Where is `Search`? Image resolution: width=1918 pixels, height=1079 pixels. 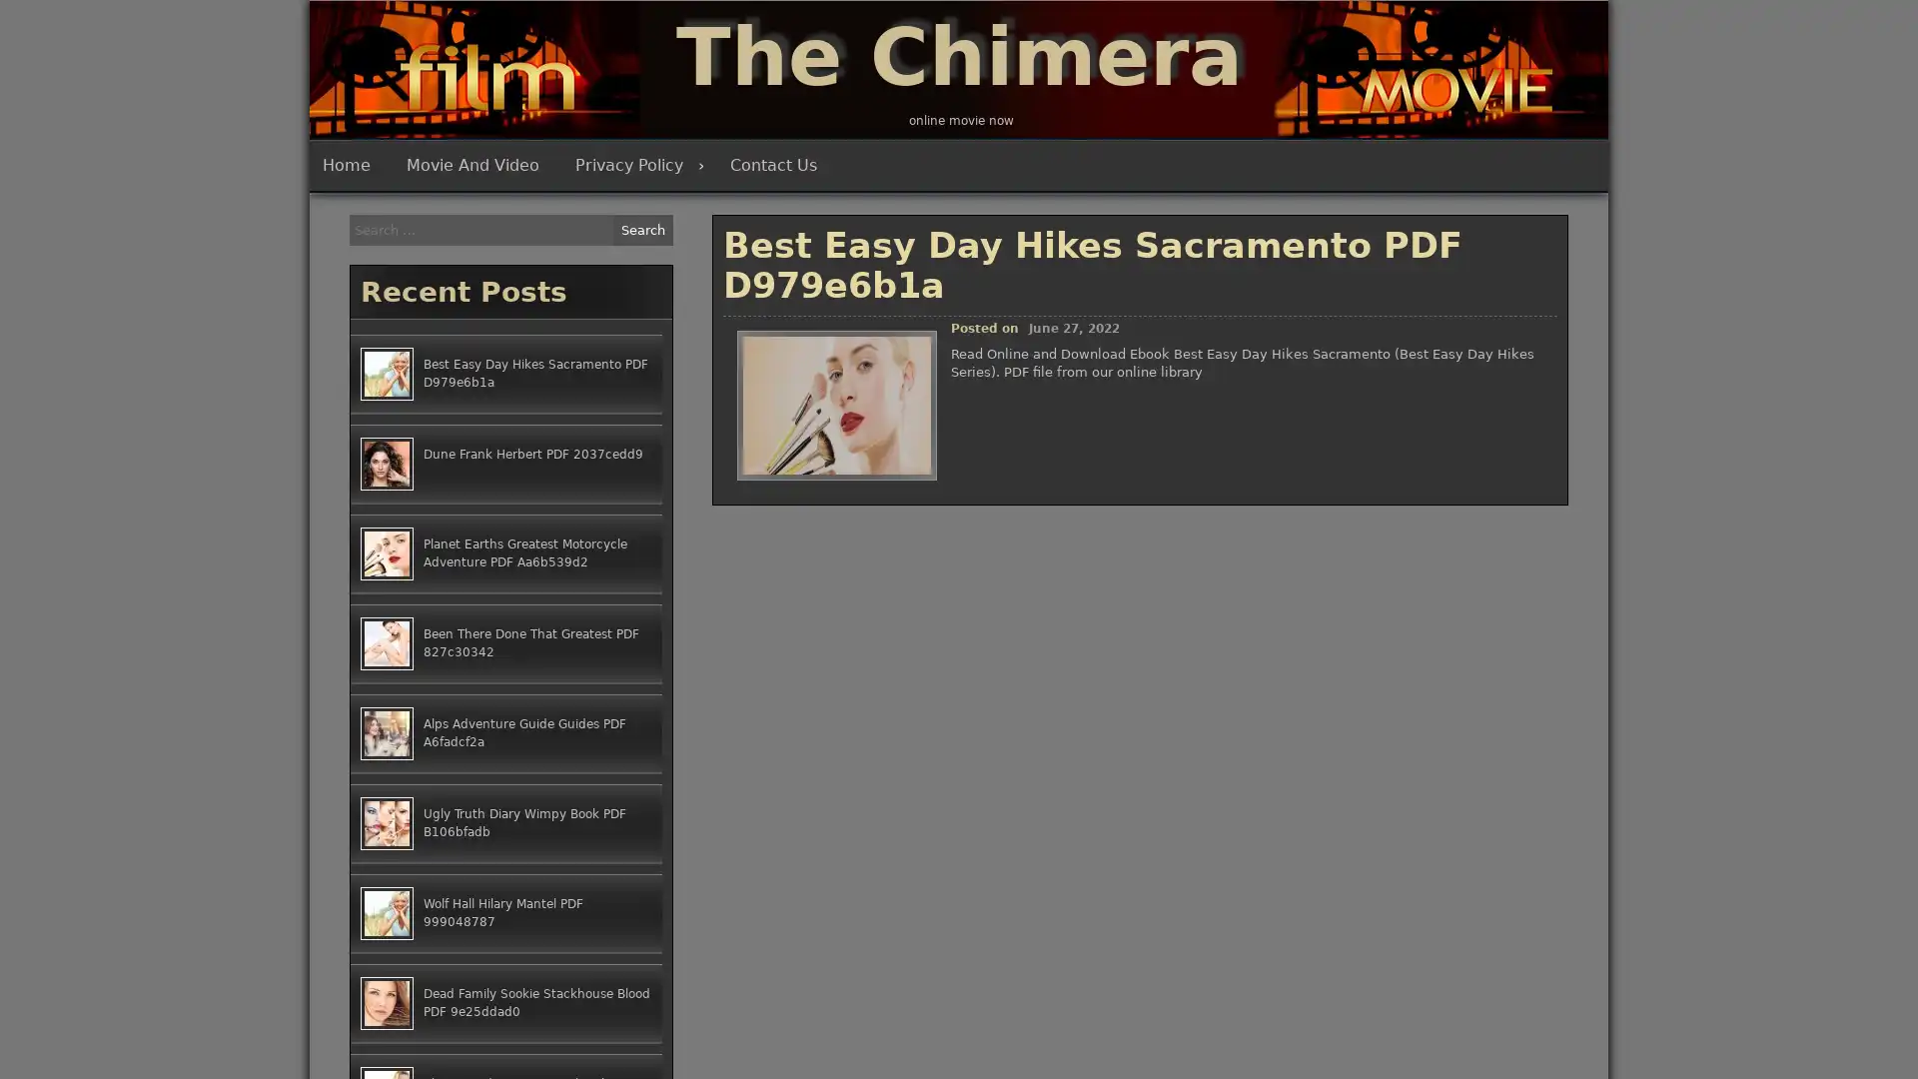 Search is located at coordinates (642, 229).